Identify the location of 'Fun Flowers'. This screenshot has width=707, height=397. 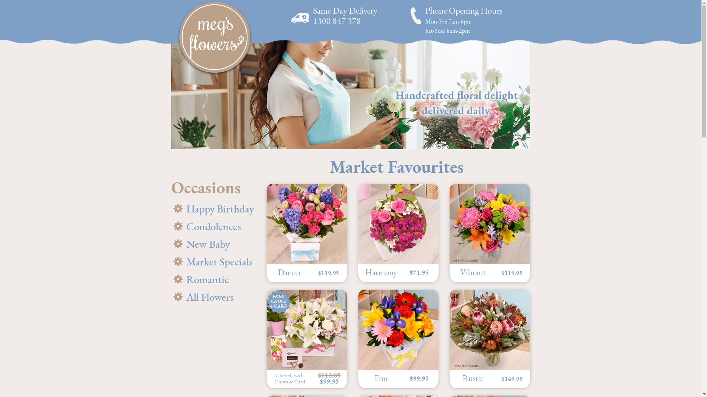
(398, 329).